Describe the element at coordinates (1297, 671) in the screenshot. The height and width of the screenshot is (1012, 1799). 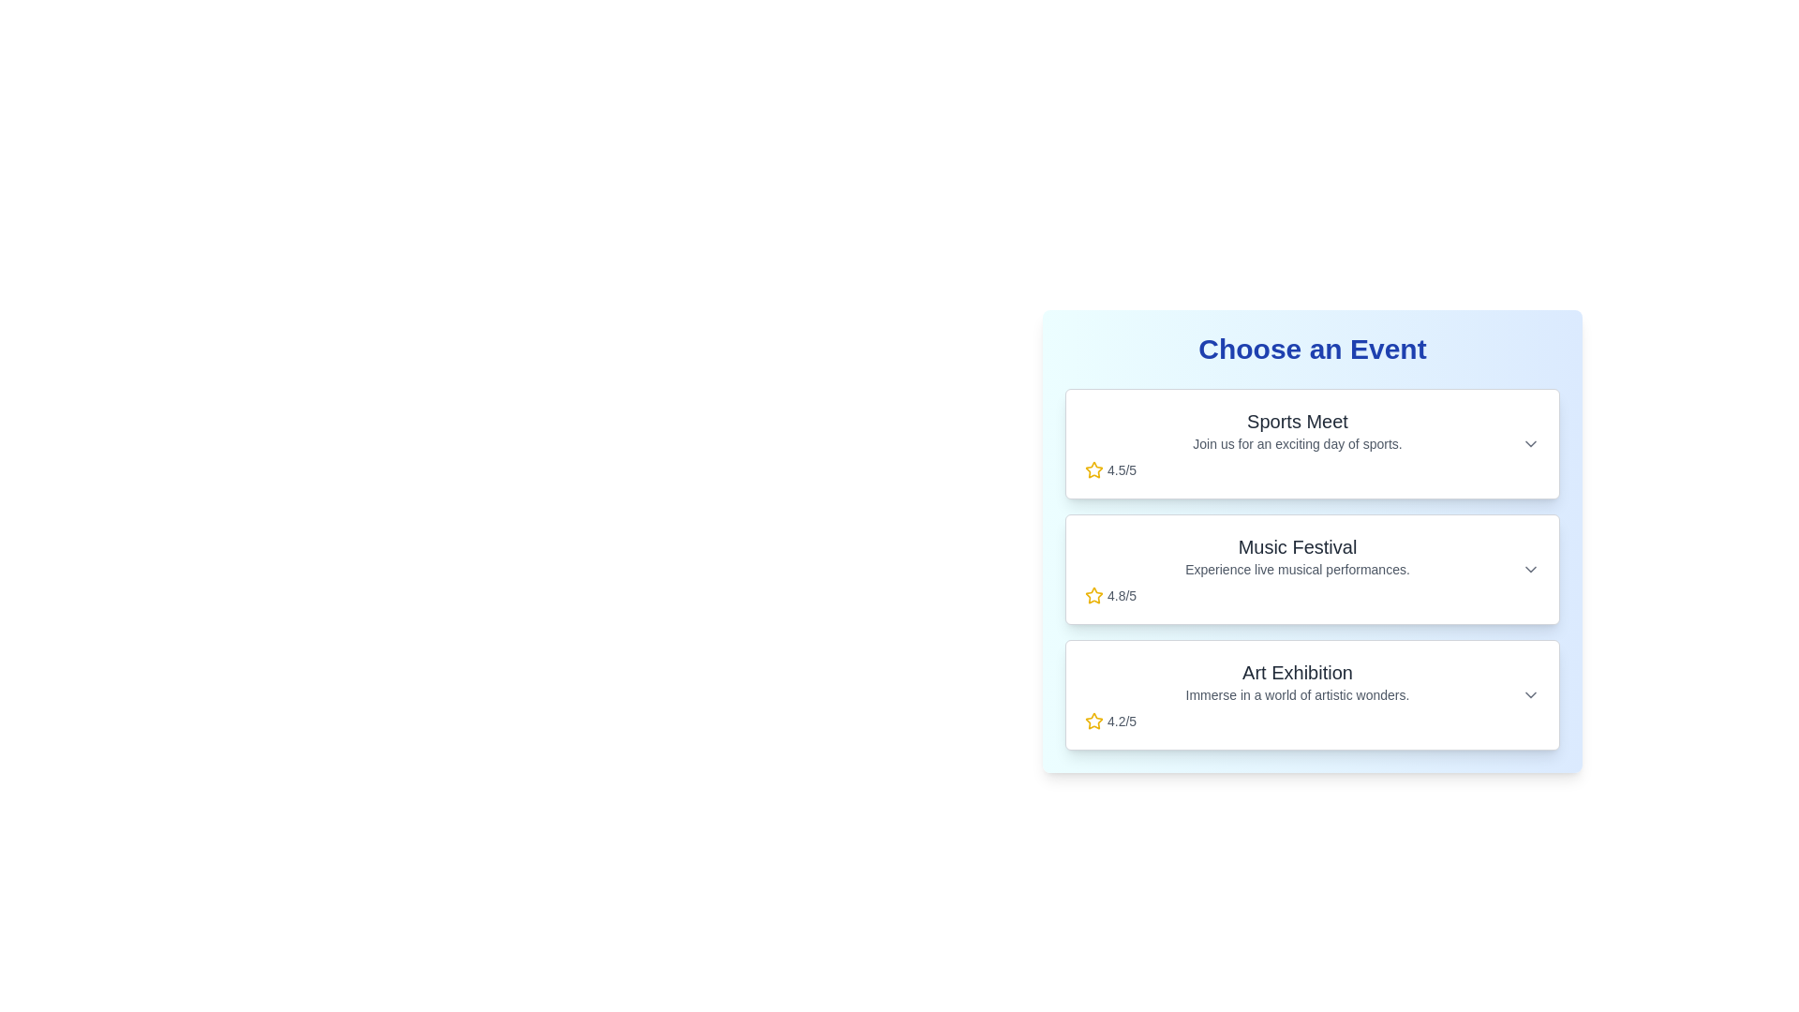
I see `the surrounding card of the event title displayed in the third card from the top, which serves to identify the event's purpose` at that location.